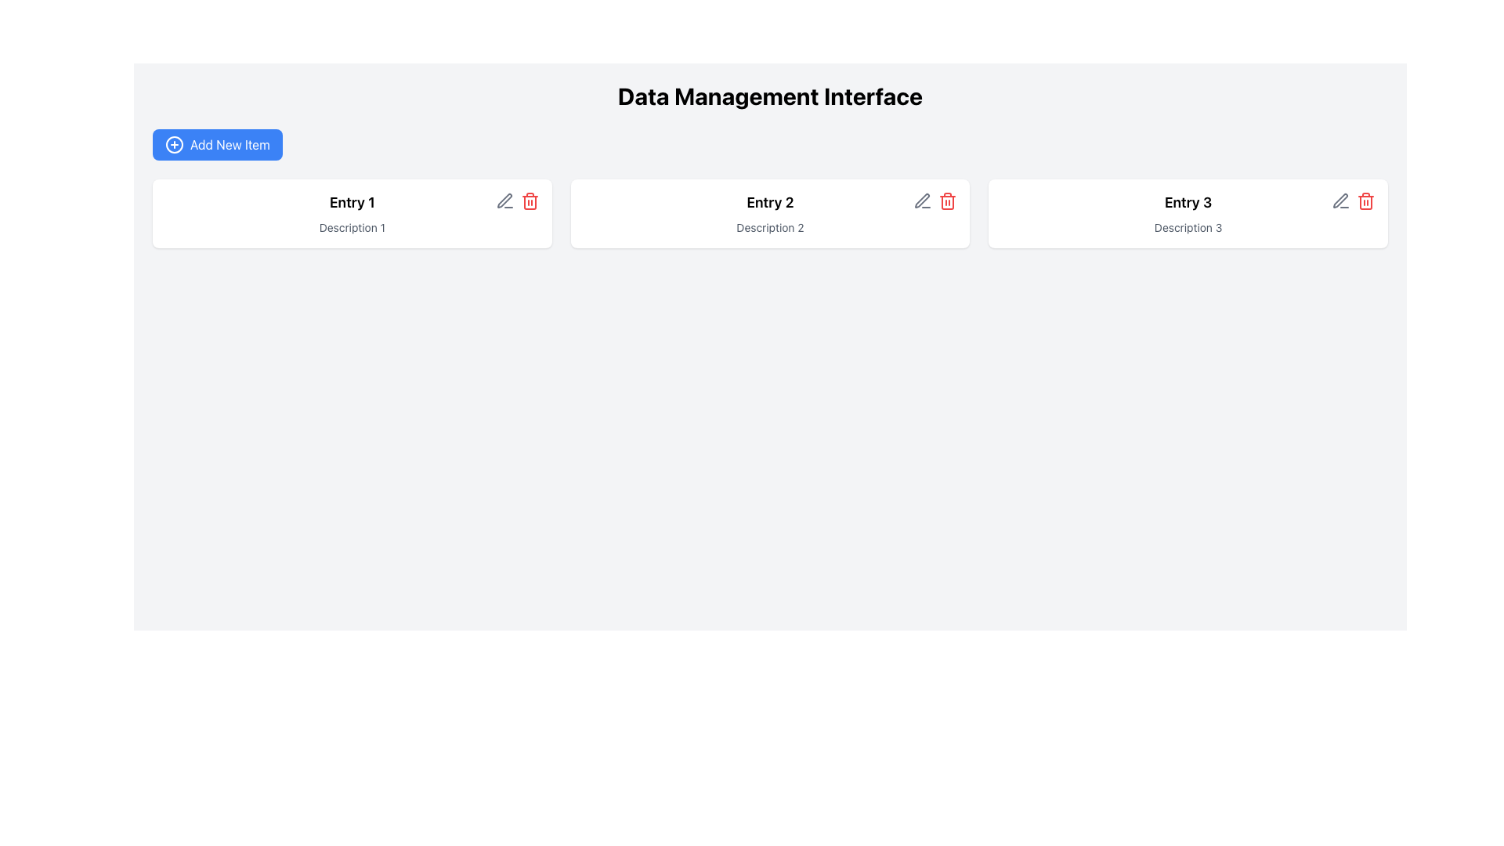 The height and width of the screenshot is (846, 1504). What do you see at coordinates (351, 227) in the screenshot?
I see `the static text label located below the title 'Entry 1' in the first card on the left of the horizontally aligned list of cards` at bounding box center [351, 227].